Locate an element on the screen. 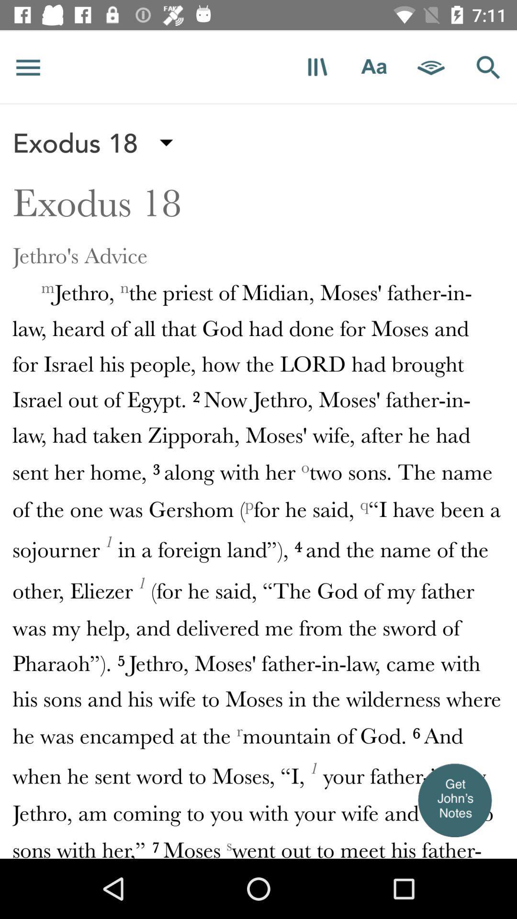  bookmark that page is located at coordinates (317, 67).